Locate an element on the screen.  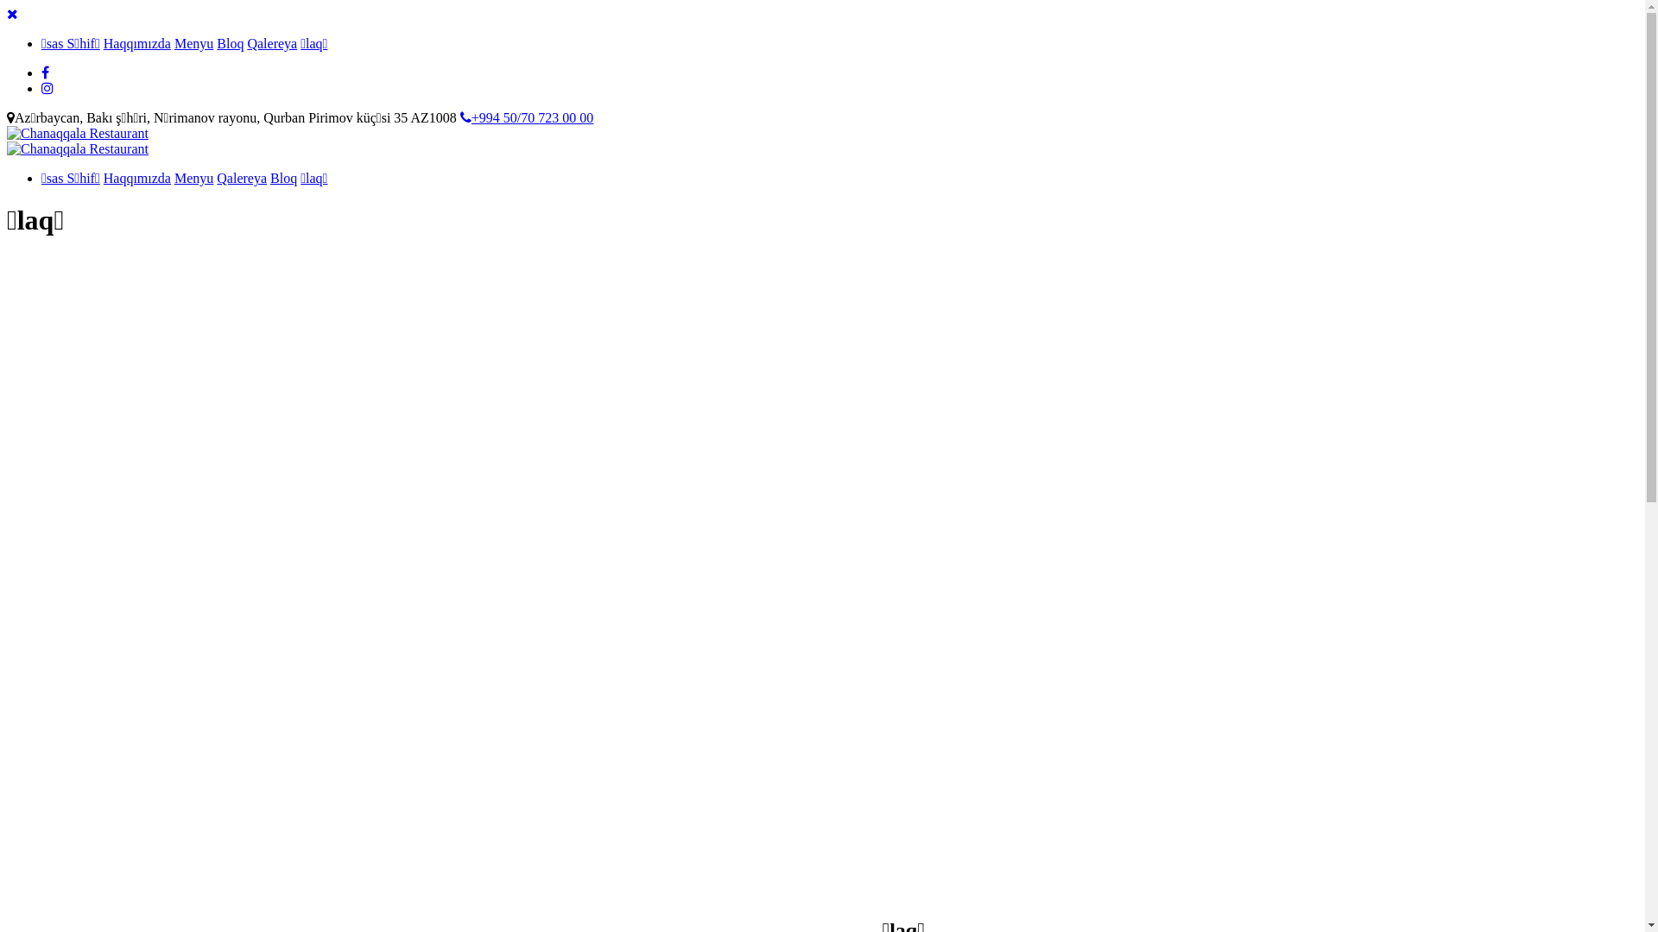
'Bloq' is located at coordinates (229, 42).